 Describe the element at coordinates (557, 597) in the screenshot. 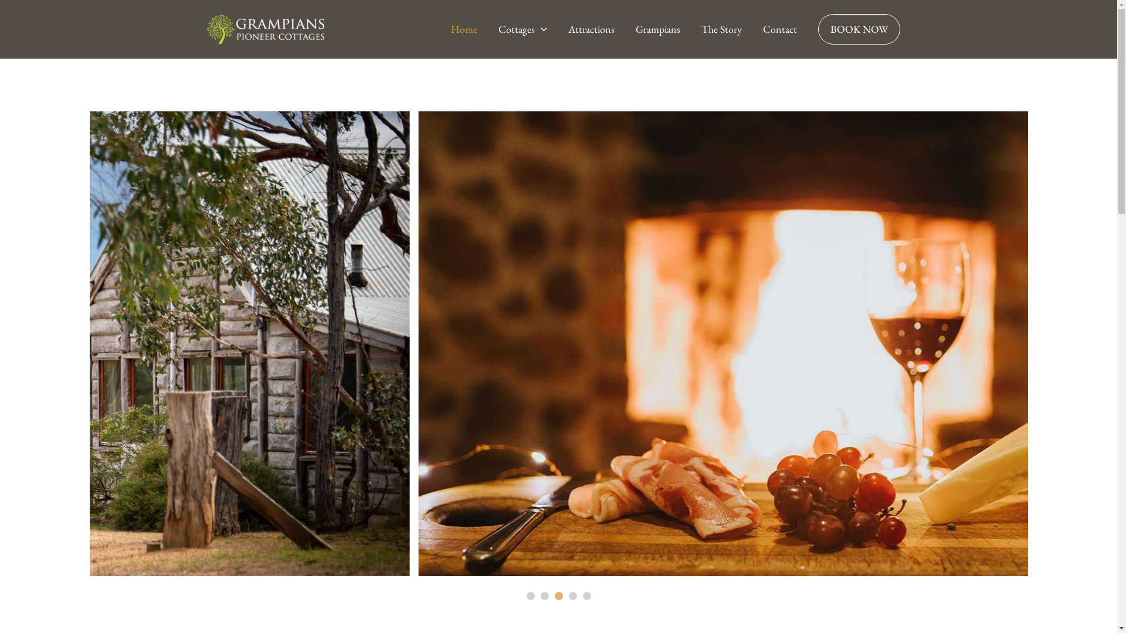

I see `'3'` at that location.